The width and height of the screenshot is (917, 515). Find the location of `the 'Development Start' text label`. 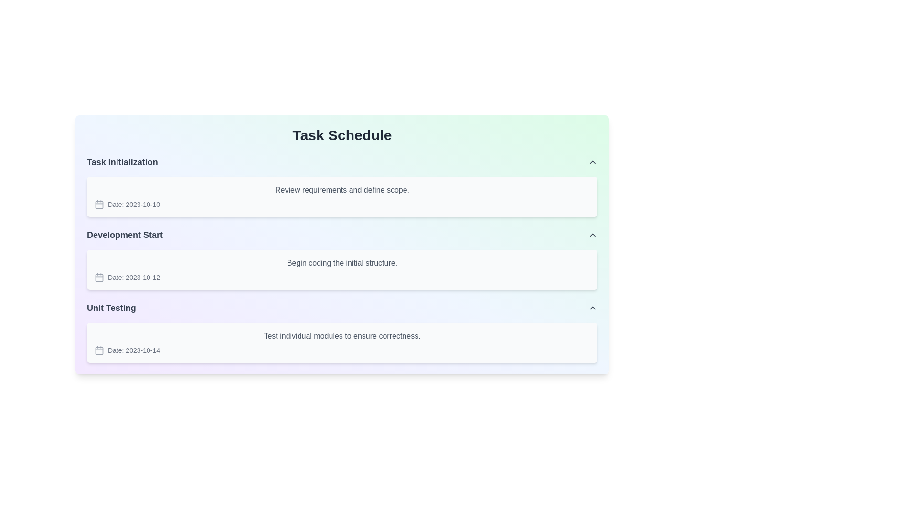

the 'Development Start' text label is located at coordinates (124, 235).